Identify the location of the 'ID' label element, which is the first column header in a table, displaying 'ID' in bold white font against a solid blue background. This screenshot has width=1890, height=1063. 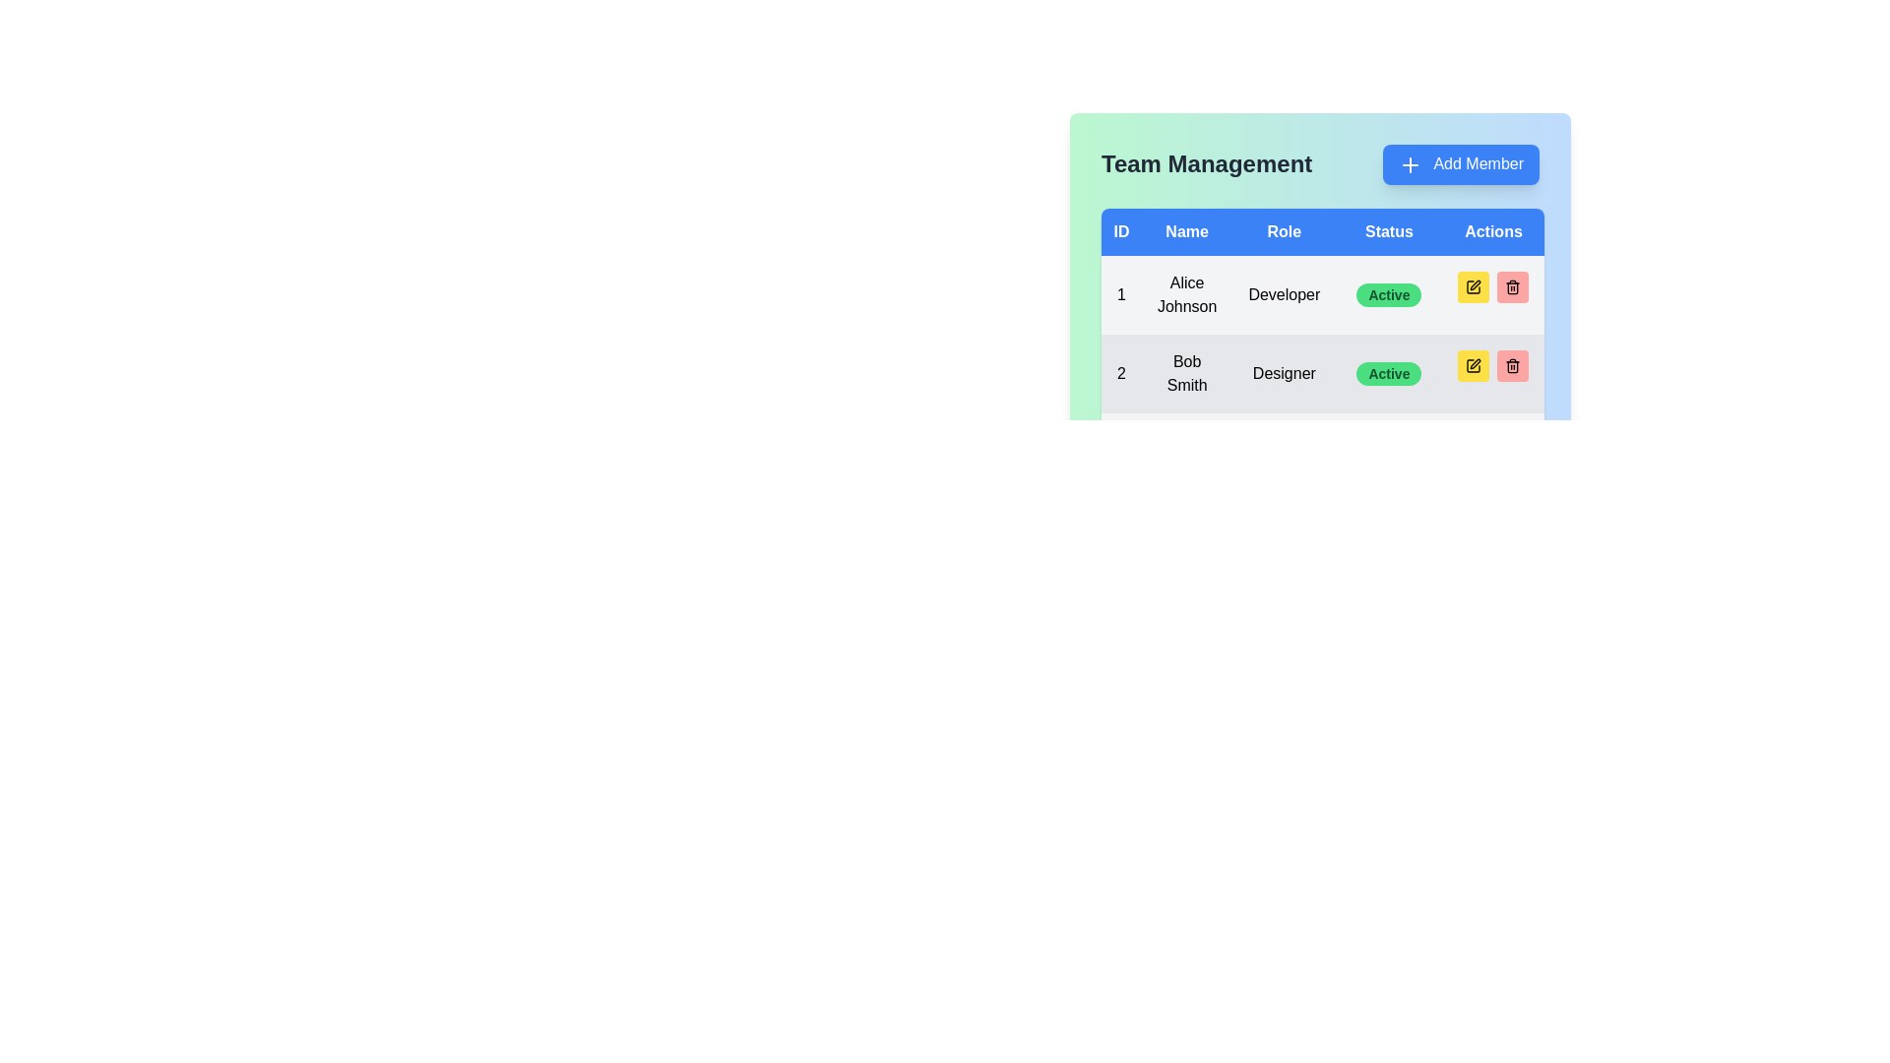
(1121, 230).